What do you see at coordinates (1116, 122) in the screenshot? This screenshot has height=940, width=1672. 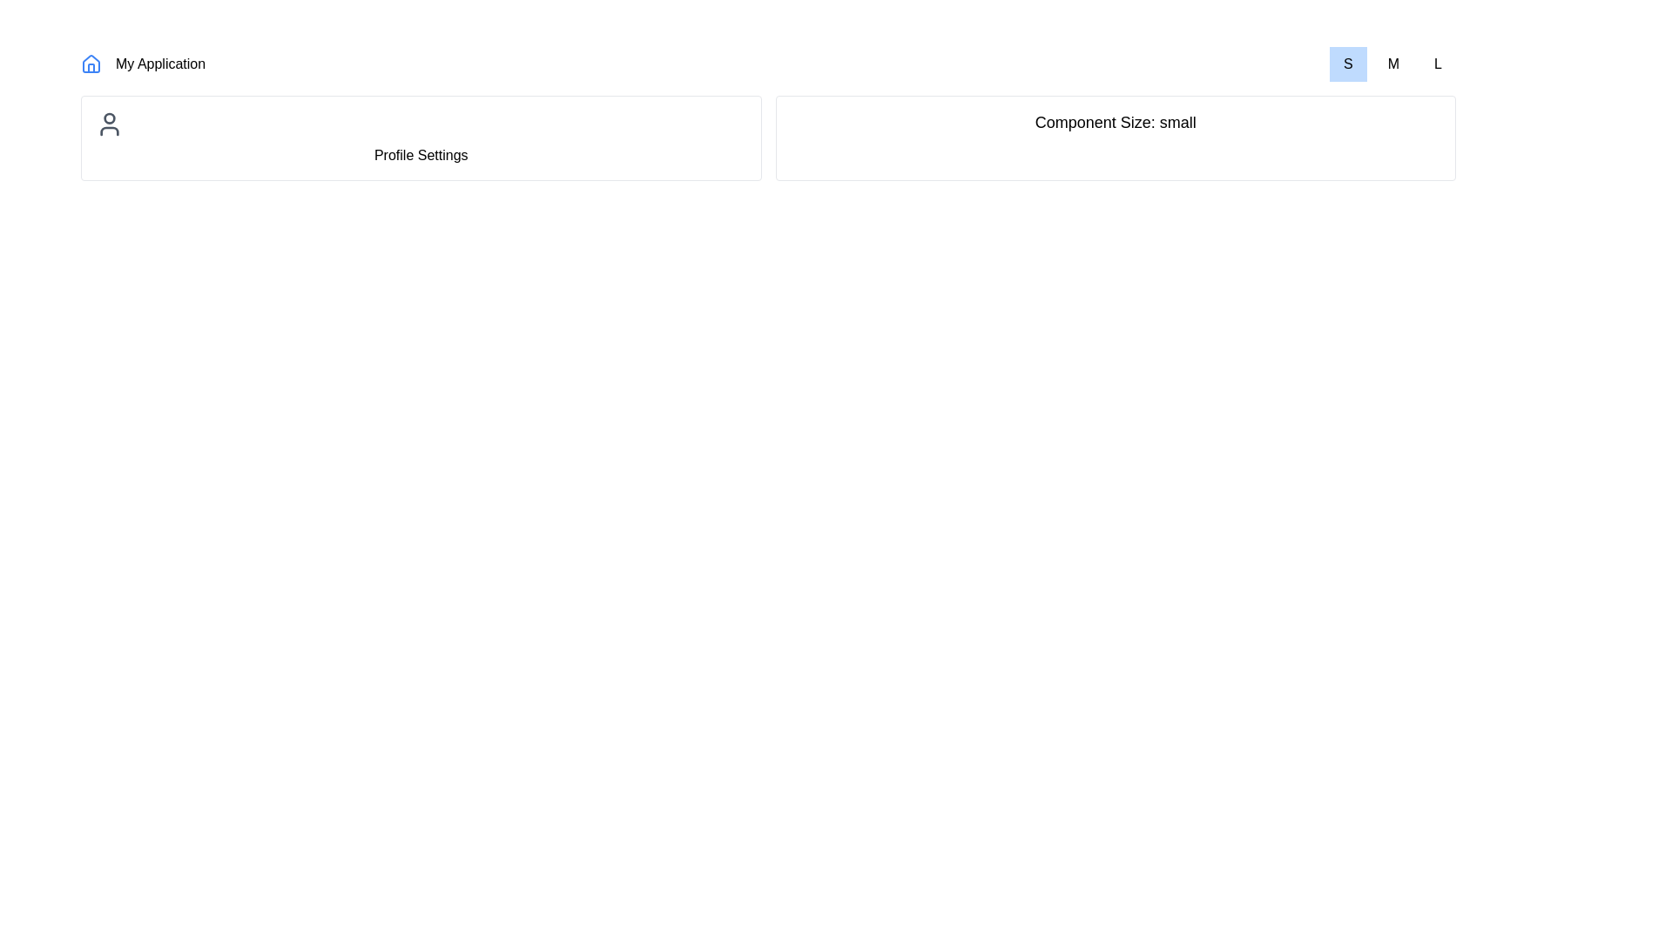 I see `the text label displaying 'Component Size: small'` at bounding box center [1116, 122].